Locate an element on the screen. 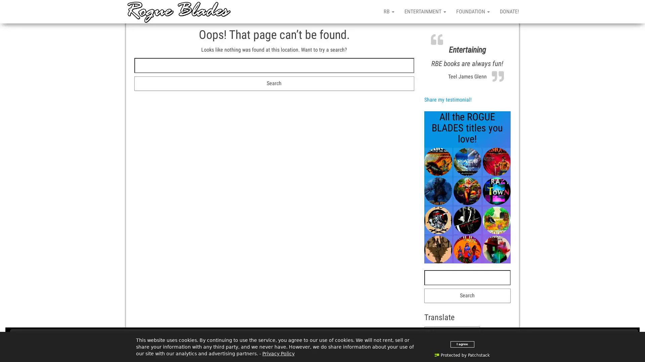  Close and accept is located at coordinates (324, 336).